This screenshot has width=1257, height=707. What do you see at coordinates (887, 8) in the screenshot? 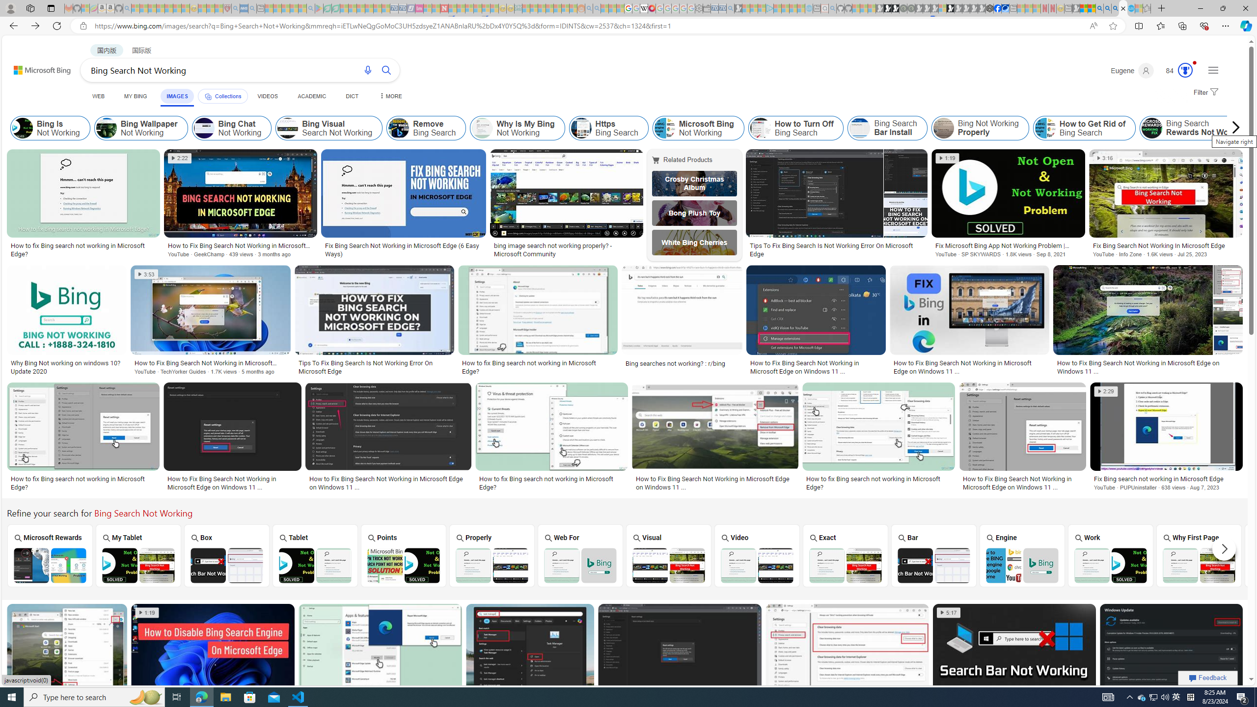
I see `'Play Zoo Boom in your browser | Games from Microsoft Start'` at bounding box center [887, 8].